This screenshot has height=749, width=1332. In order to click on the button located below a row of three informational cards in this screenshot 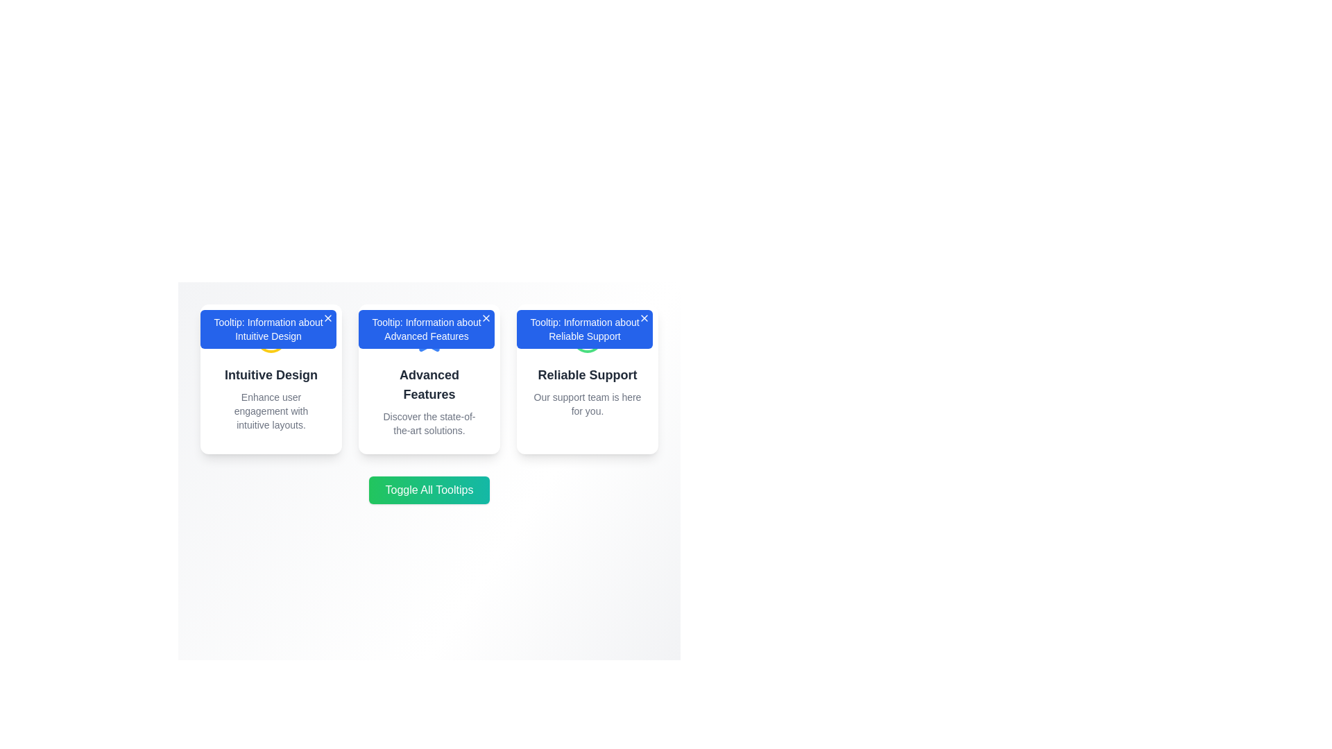, I will do `click(429, 489)`.